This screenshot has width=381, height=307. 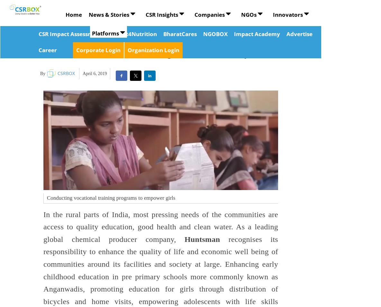 I want to click on 'Home', so click(x=65, y=14).